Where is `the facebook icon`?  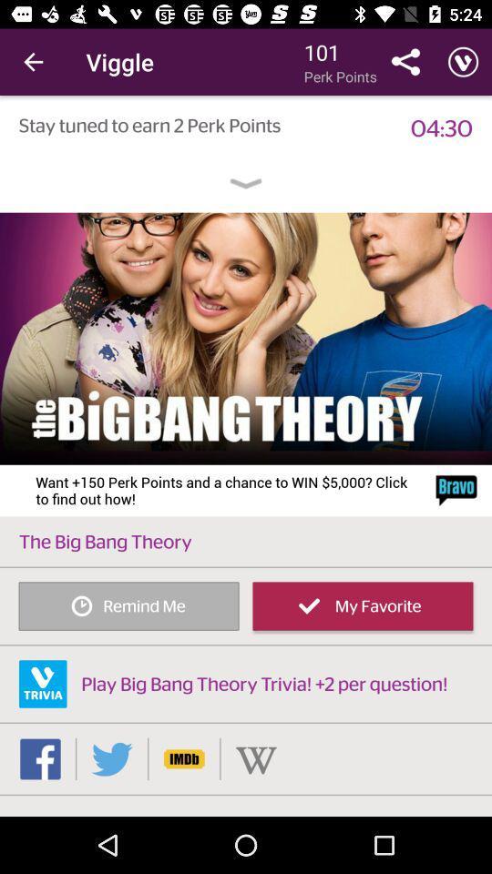
the facebook icon is located at coordinates (40, 758).